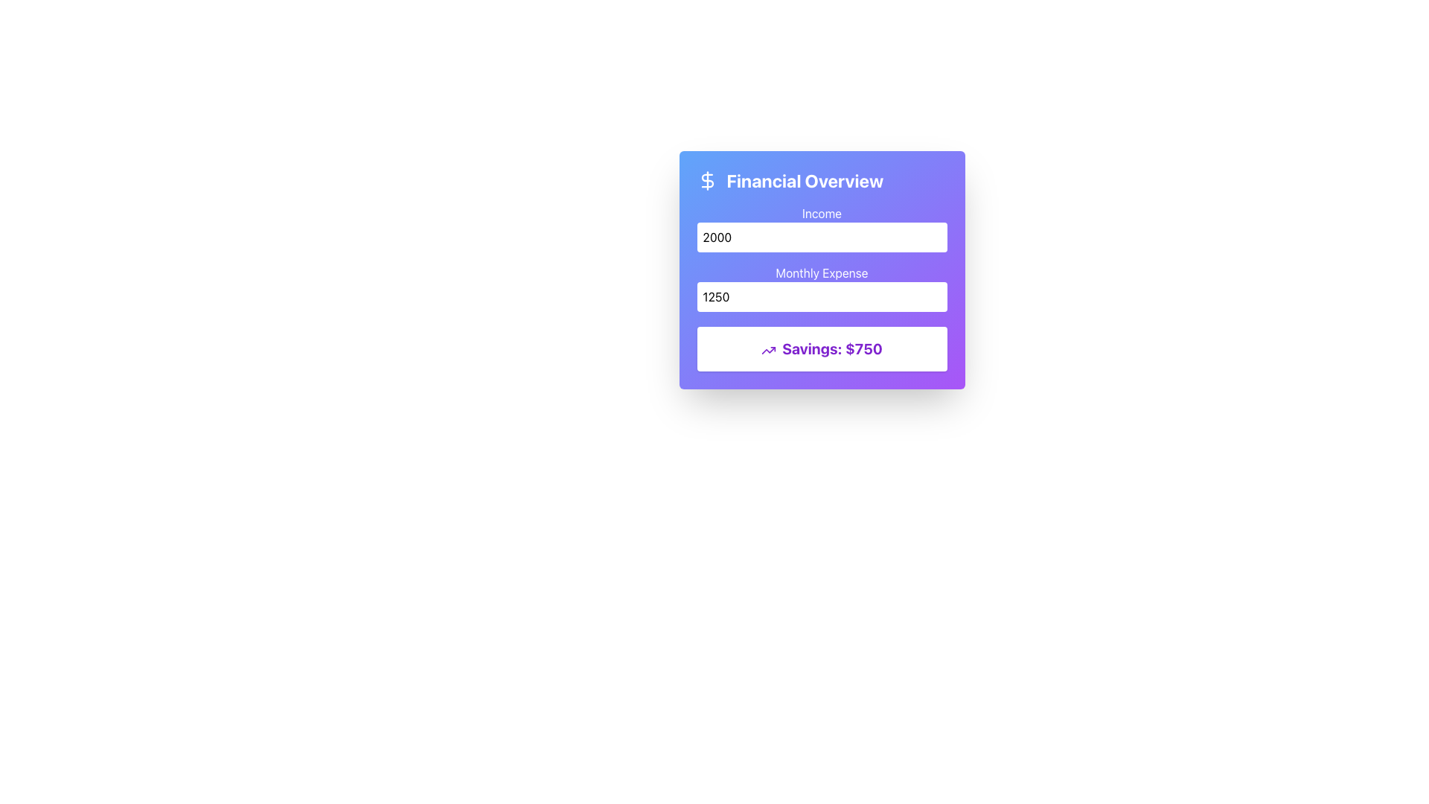 The width and height of the screenshot is (1429, 804). What do you see at coordinates (821, 287) in the screenshot?
I see `the 'Monthly Expense' labeled input field` at bounding box center [821, 287].